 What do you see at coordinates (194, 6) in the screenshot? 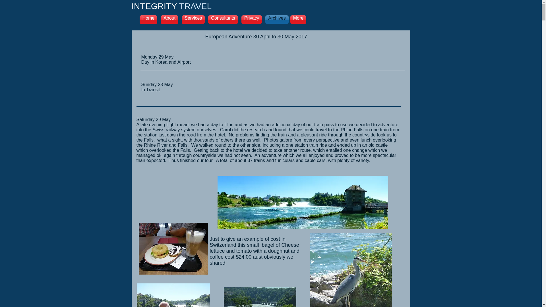
I see `' TRAVEL'` at bounding box center [194, 6].